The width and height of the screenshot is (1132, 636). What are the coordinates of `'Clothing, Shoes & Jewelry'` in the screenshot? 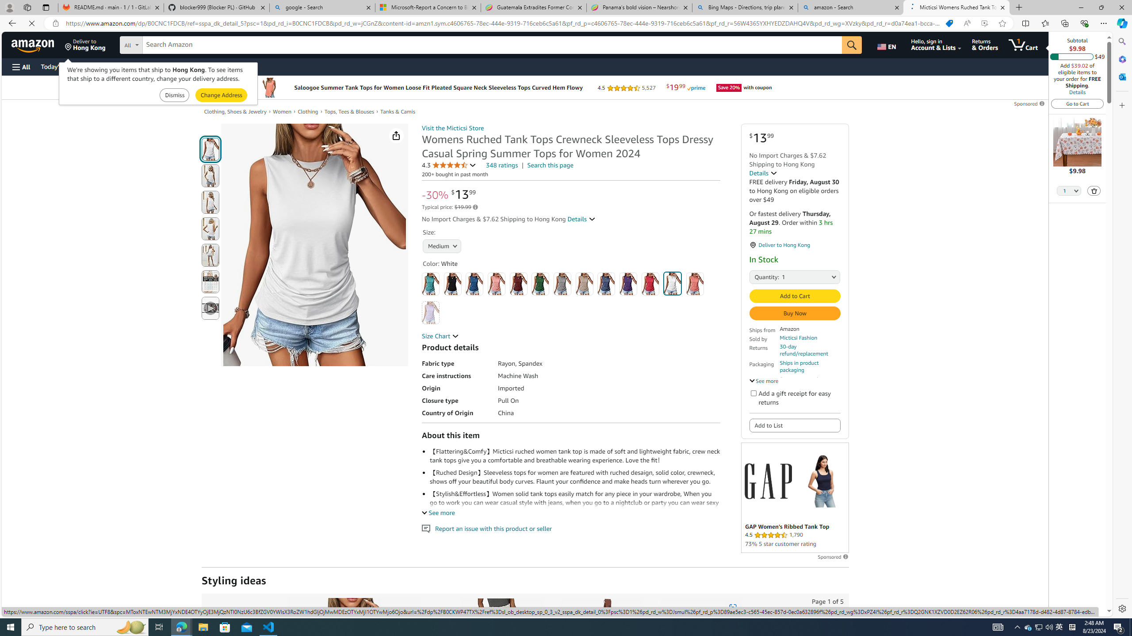 It's located at (235, 111).